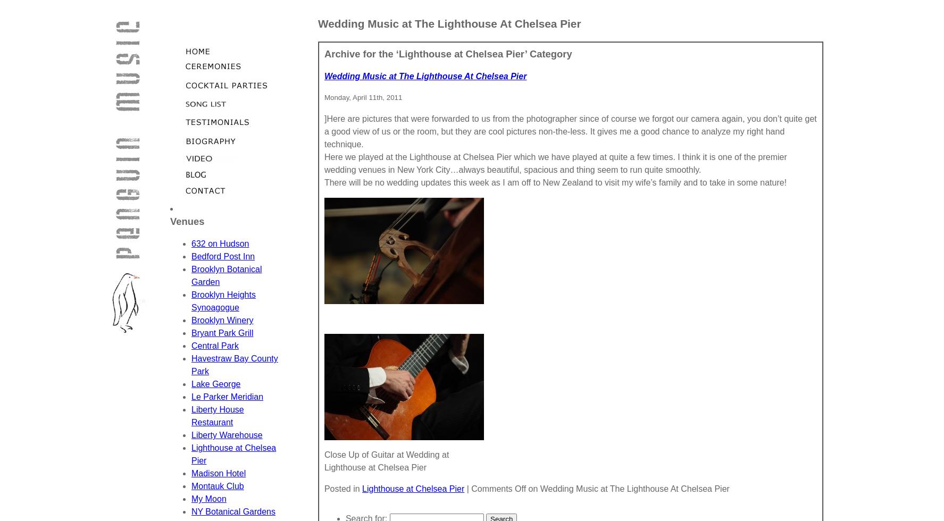 The width and height of the screenshot is (944, 521). What do you see at coordinates (217, 416) in the screenshot?
I see `'Liberty House Restaurant'` at bounding box center [217, 416].